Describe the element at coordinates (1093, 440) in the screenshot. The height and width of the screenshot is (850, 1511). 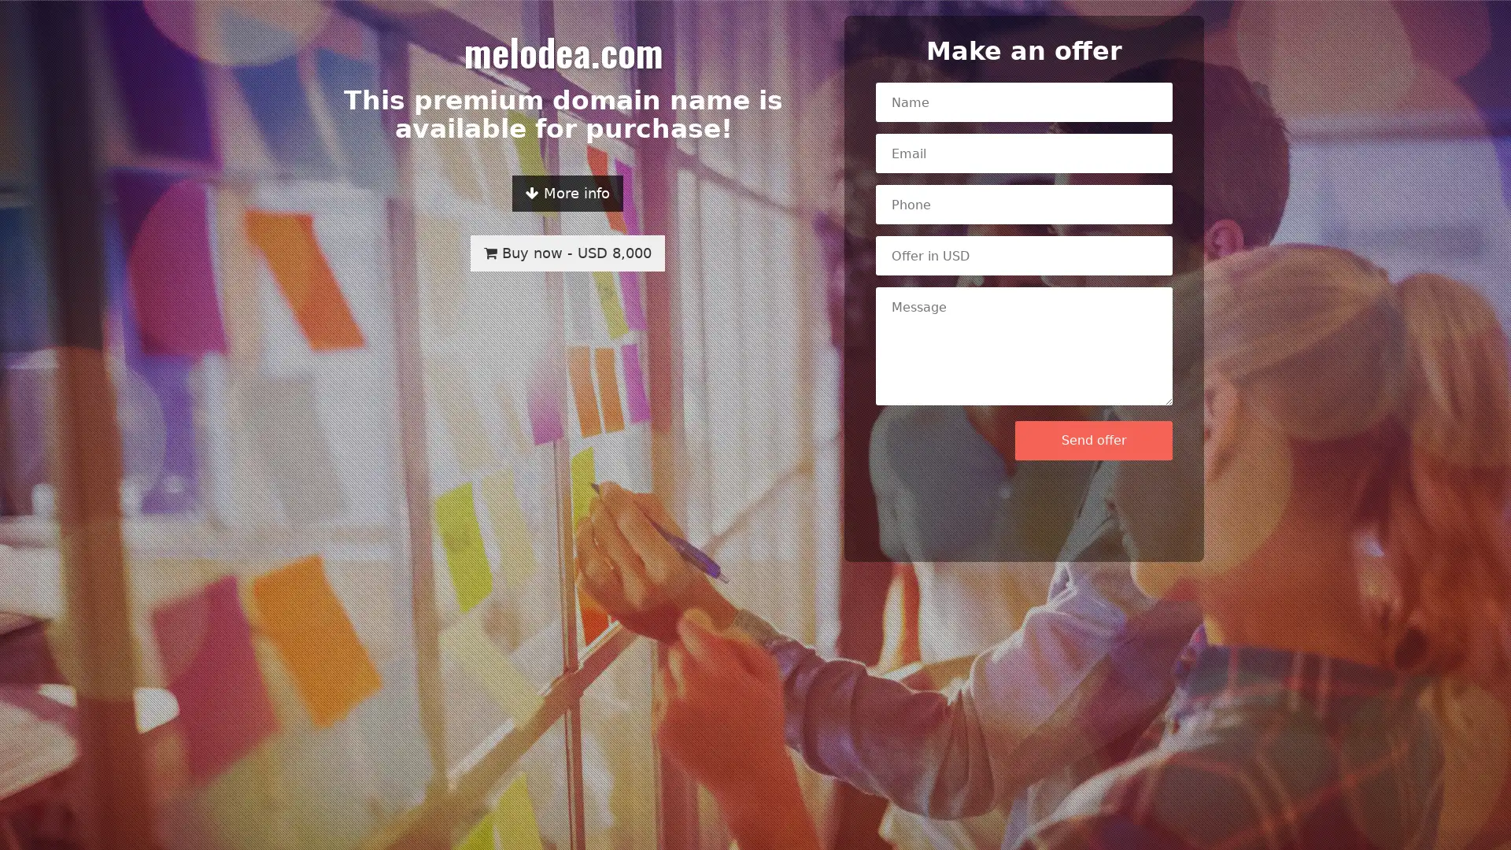
I see `Send offer` at that location.